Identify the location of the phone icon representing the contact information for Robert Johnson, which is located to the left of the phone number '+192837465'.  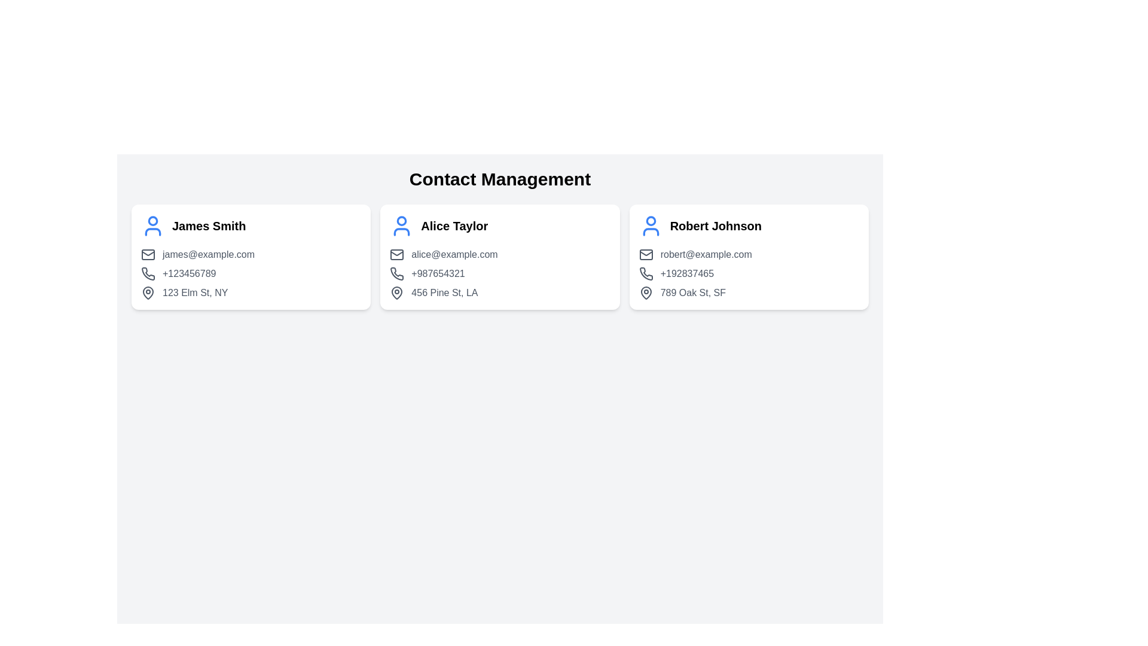
(645, 273).